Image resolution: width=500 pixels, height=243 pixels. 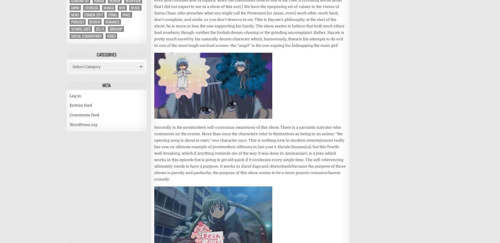 I want to click on 'review', so click(x=94, y=21).